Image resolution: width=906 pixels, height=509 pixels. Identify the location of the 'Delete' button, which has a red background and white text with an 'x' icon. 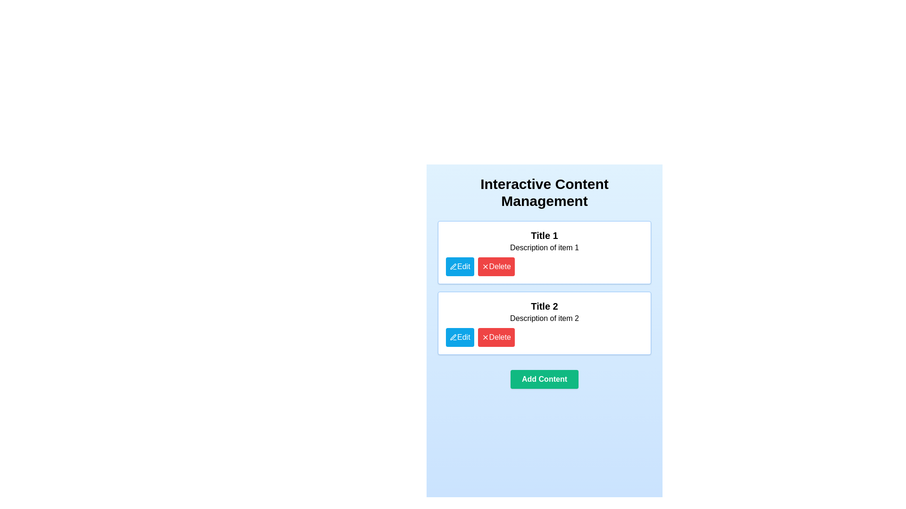
(495, 337).